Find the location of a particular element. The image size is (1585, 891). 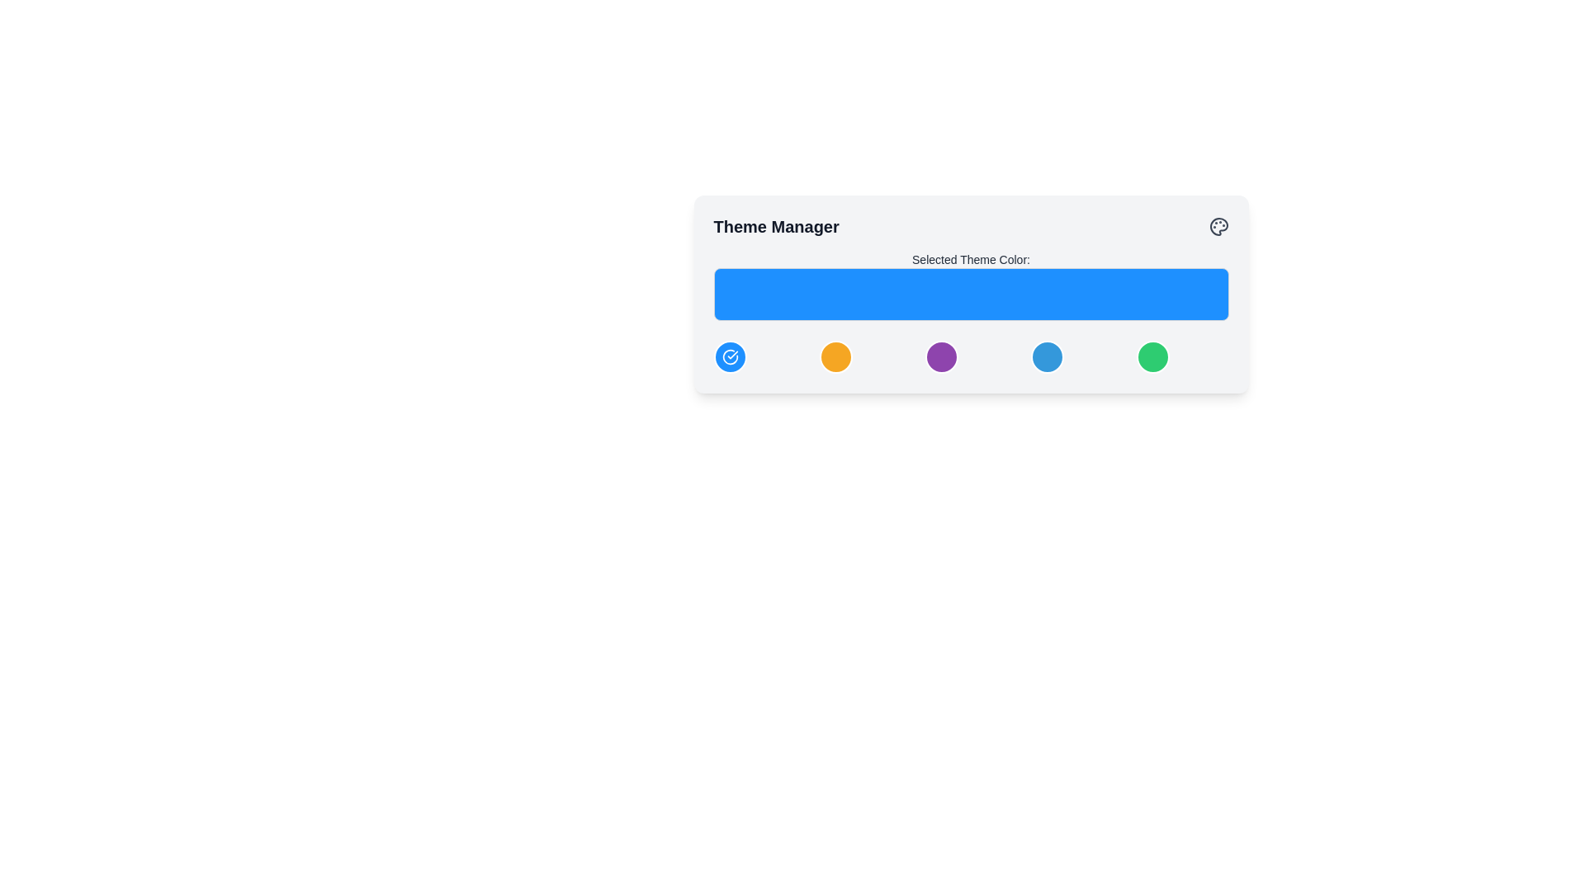

the circular icon with a blue background and white check mark is located at coordinates (729, 356).